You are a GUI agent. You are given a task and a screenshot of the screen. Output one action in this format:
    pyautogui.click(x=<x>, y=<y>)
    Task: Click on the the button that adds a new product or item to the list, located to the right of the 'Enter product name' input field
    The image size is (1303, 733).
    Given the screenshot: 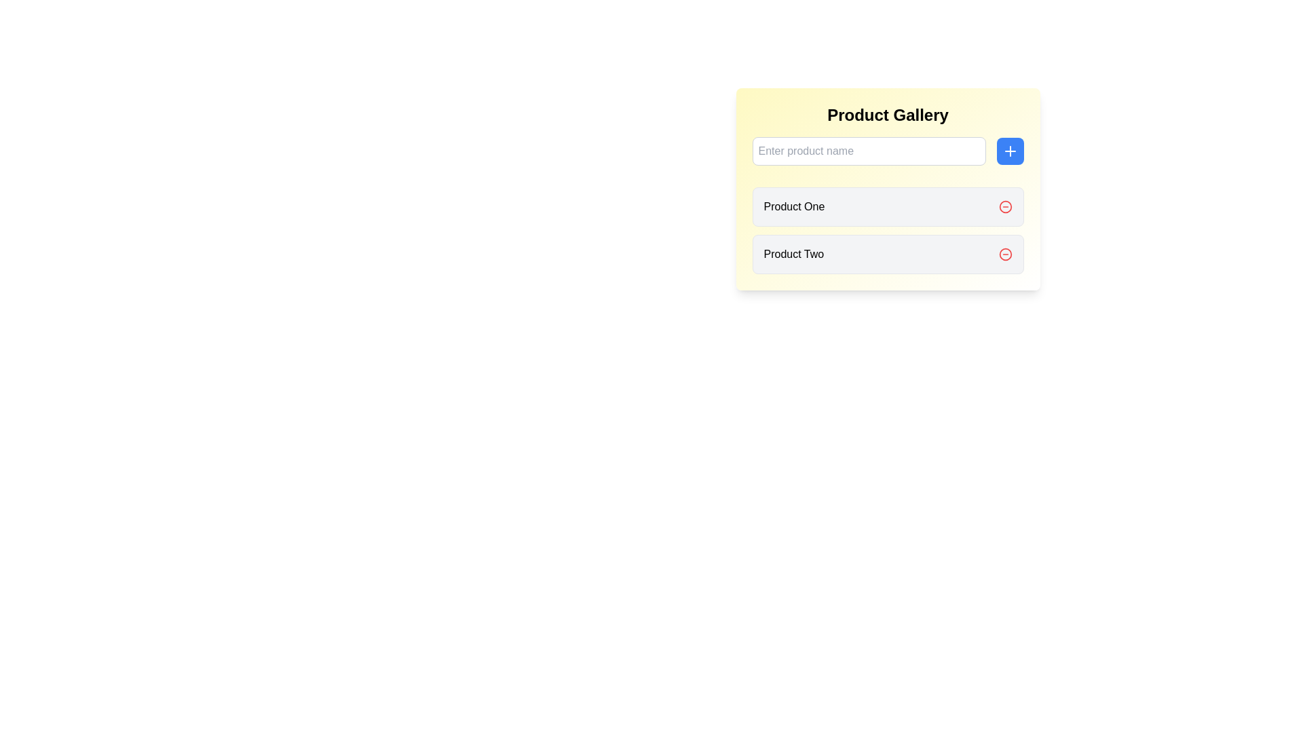 What is the action you would take?
    pyautogui.click(x=1010, y=151)
    